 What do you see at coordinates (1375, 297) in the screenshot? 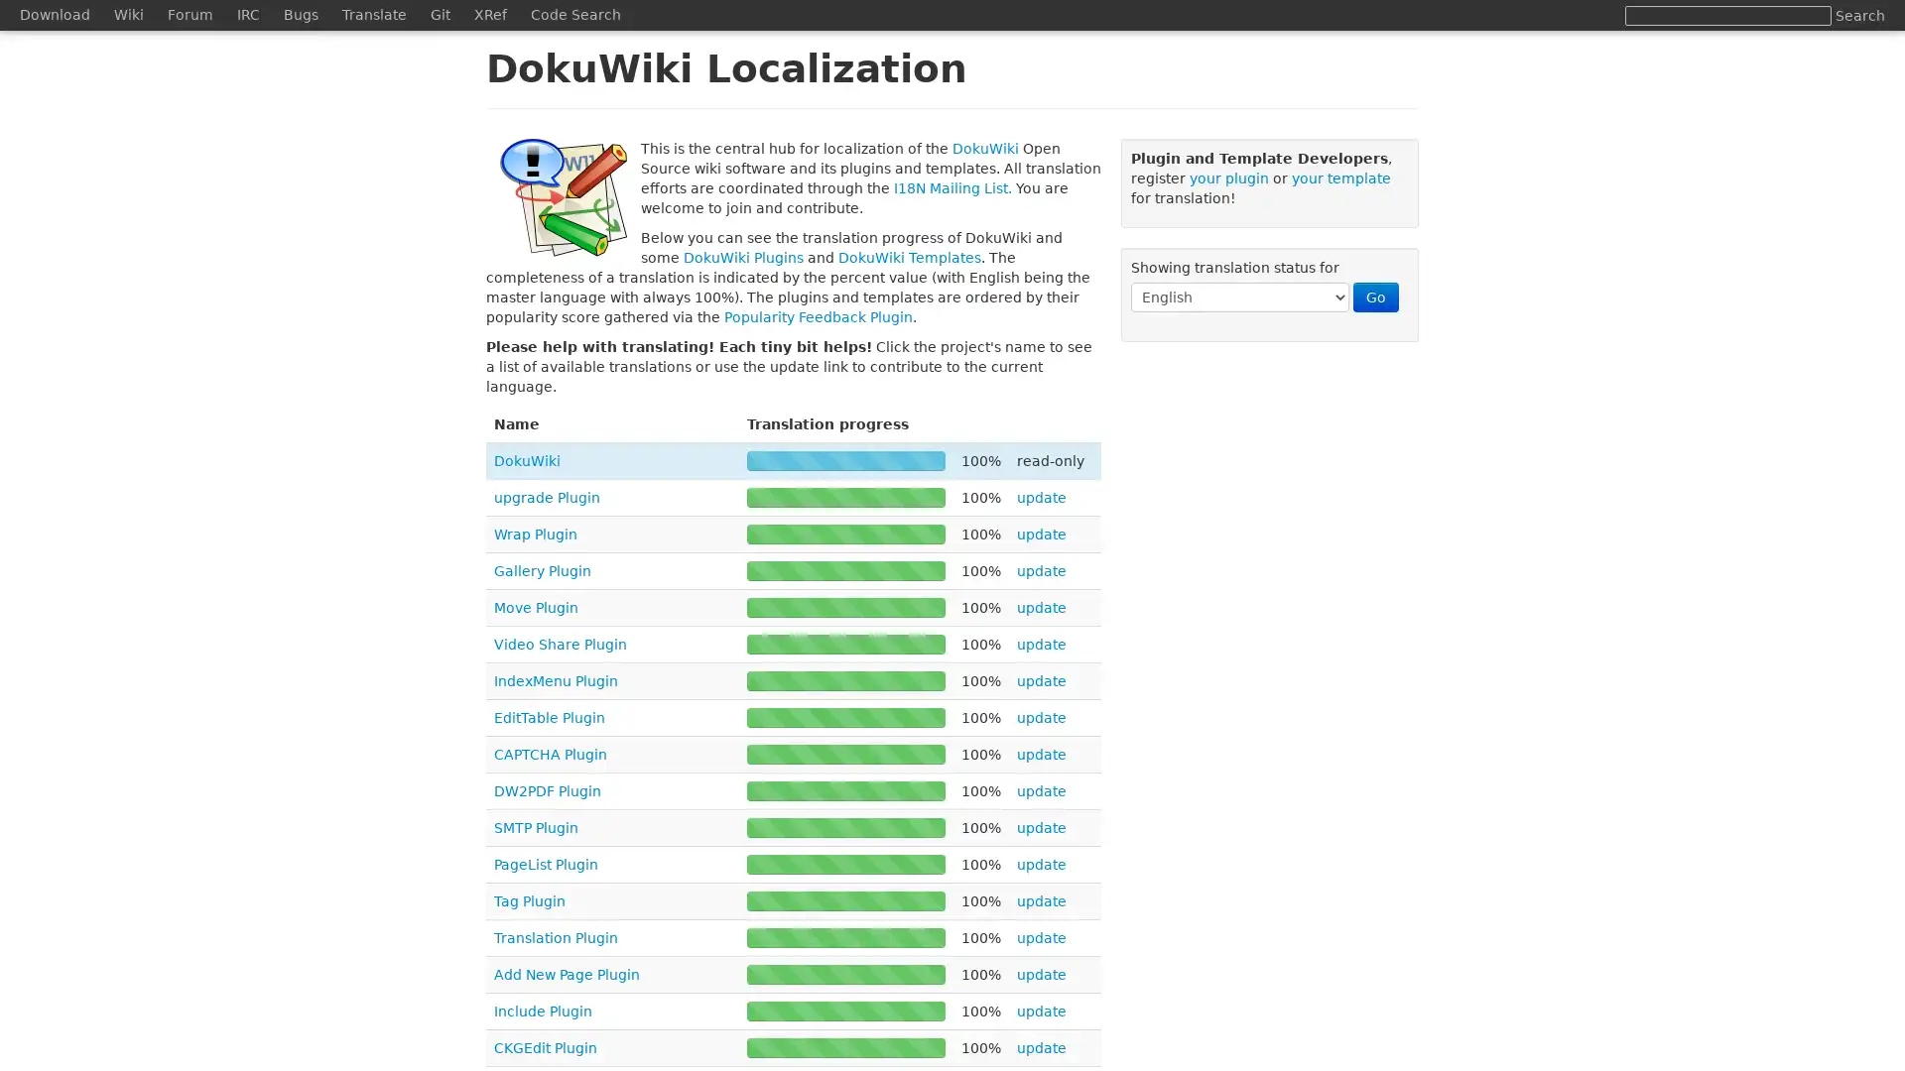
I see `Go` at bounding box center [1375, 297].